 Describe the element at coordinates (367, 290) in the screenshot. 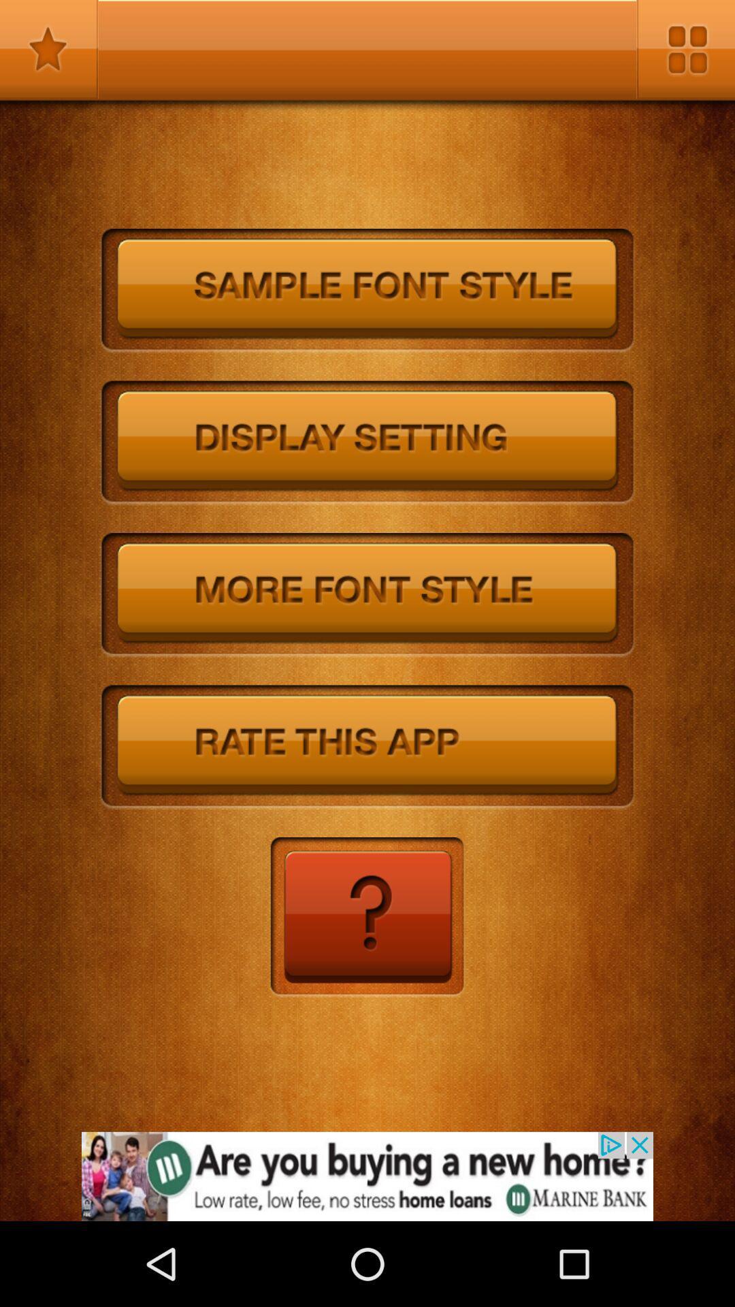

I see `sample fon style` at that location.